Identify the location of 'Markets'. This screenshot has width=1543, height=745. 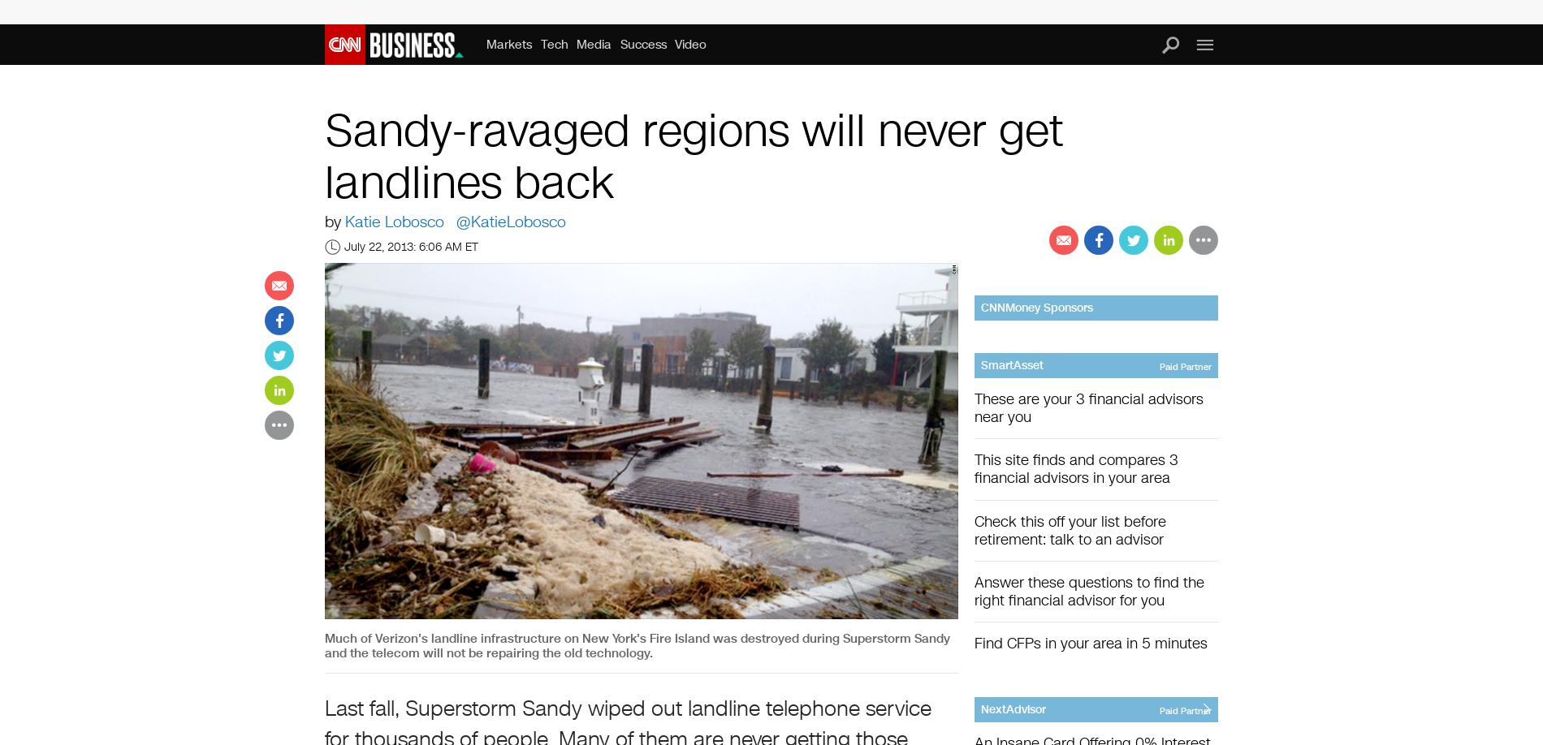
(509, 43).